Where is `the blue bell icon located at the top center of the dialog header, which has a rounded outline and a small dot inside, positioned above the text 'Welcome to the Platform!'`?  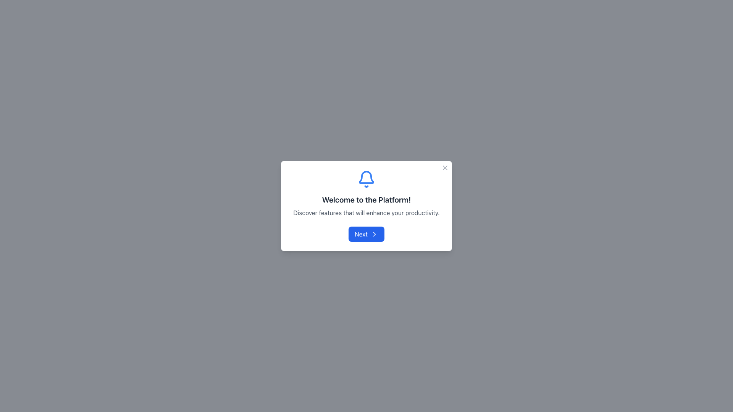
the blue bell icon located at the top center of the dialog header, which has a rounded outline and a small dot inside, positioned above the text 'Welcome to the Platform!' is located at coordinates (366, 179).